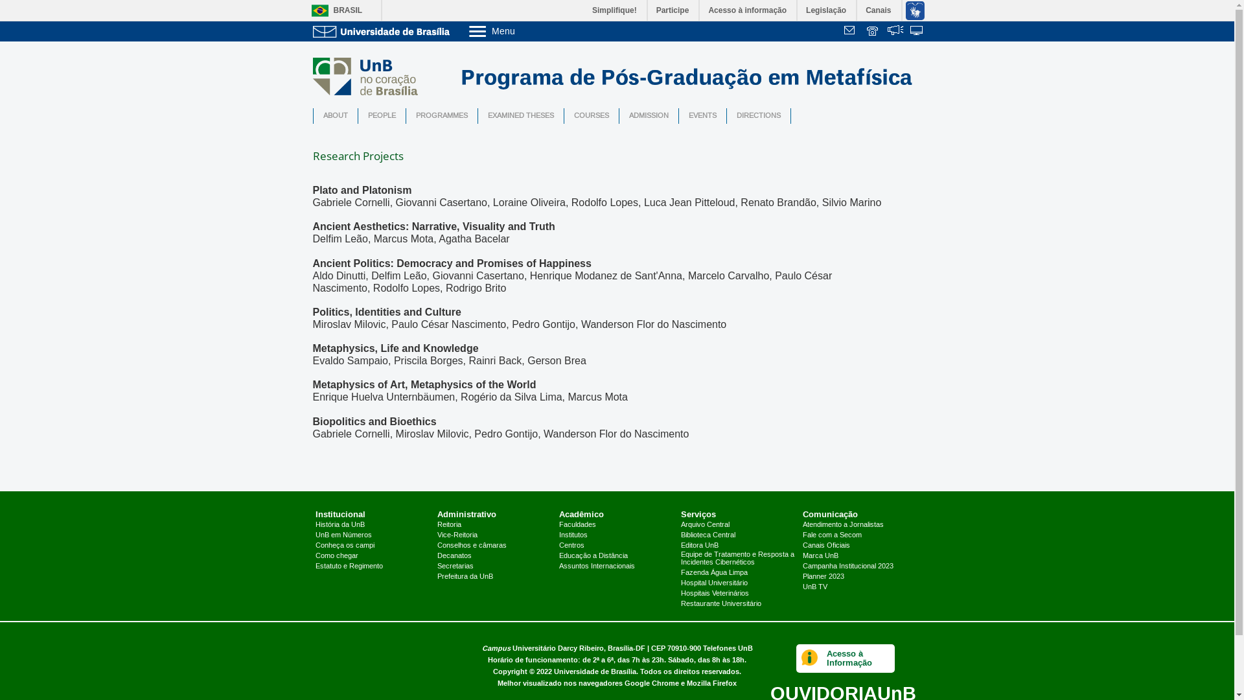 The image size is (1244, 700). Describe the element at coordinates (843, 31) in the screenshot. I see `'Webmail'` at that location.